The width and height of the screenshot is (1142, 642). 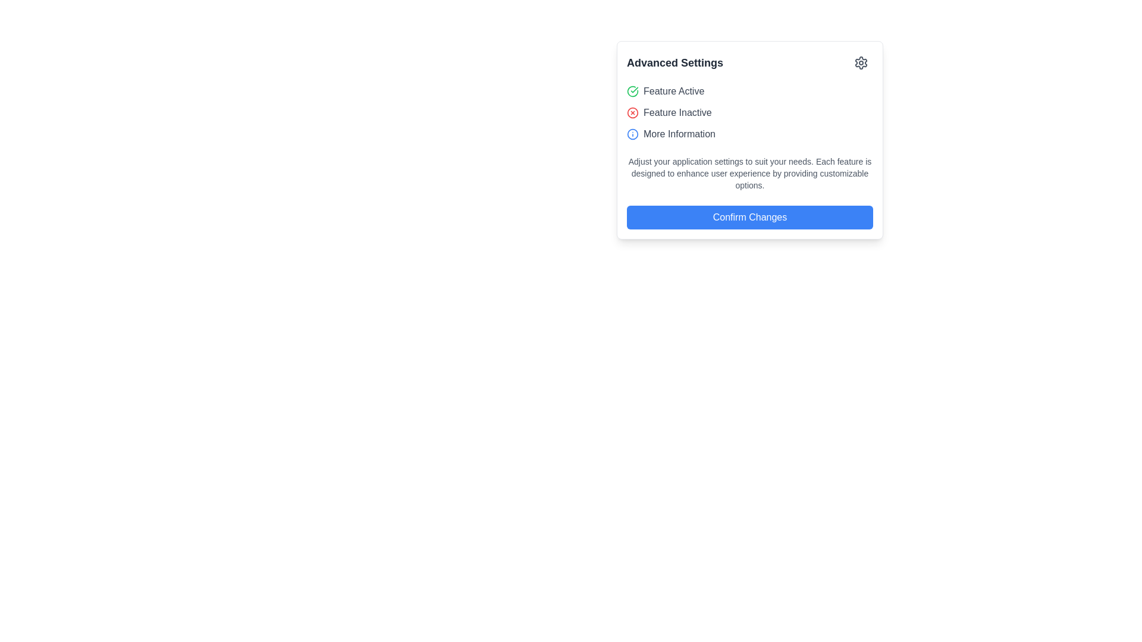 What do you see at coordinates (632, 91) in the screenshot?
I see `the first icon to the left of the 'Feature Active' text in the settings card` at bounding box center [632, 91].